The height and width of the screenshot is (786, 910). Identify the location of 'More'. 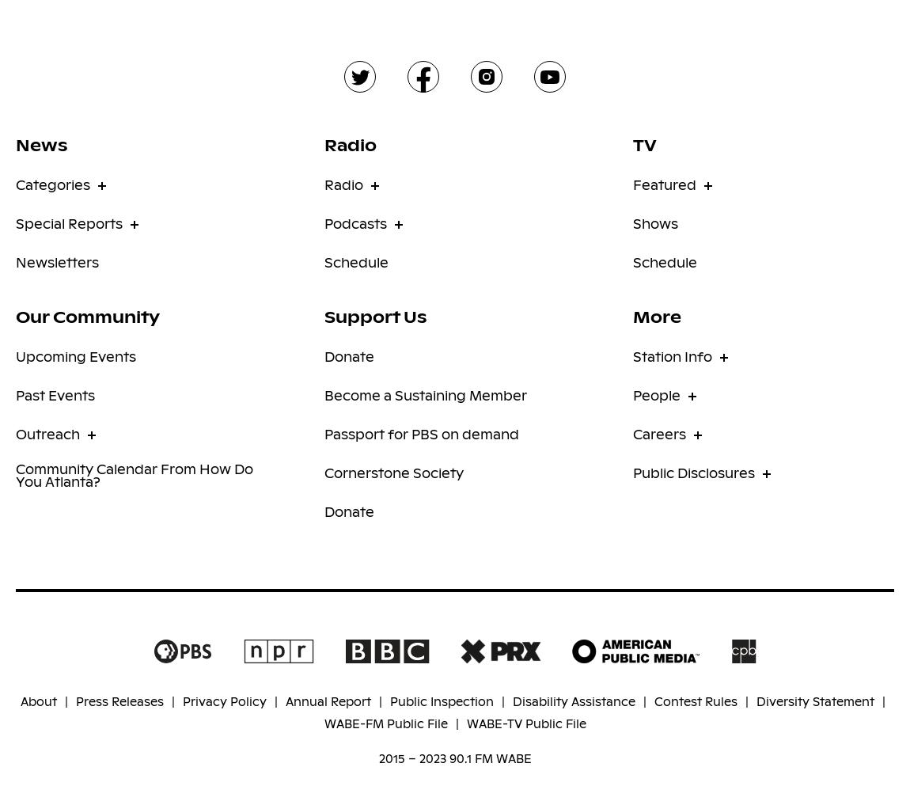
(656, 315).